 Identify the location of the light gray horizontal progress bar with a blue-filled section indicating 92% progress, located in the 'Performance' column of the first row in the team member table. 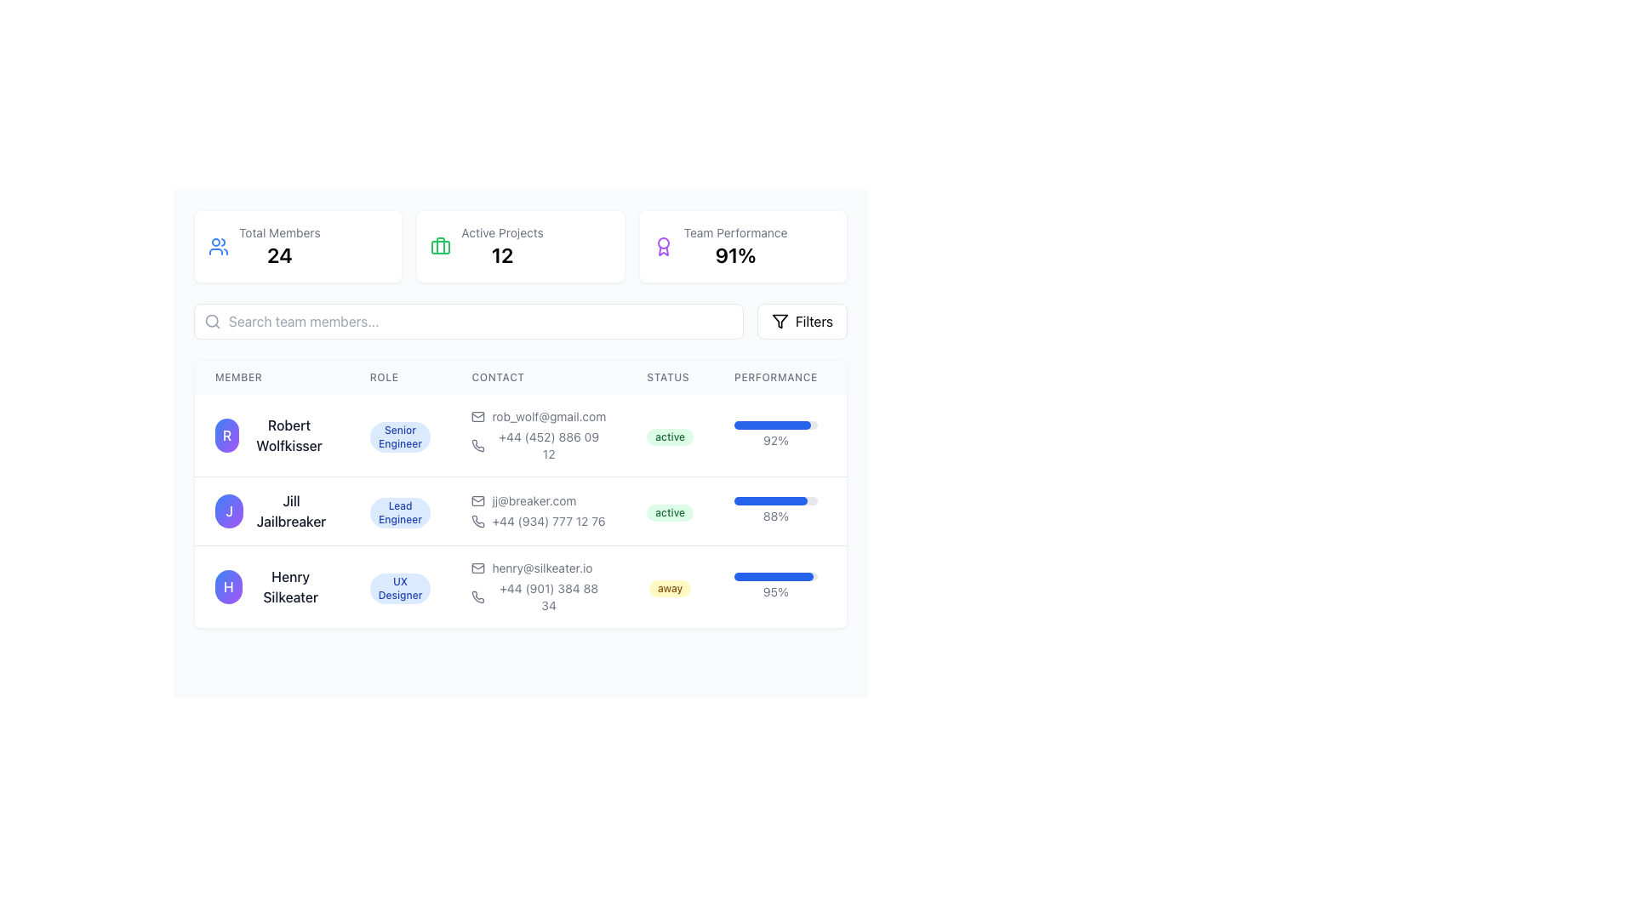
(775, 425).